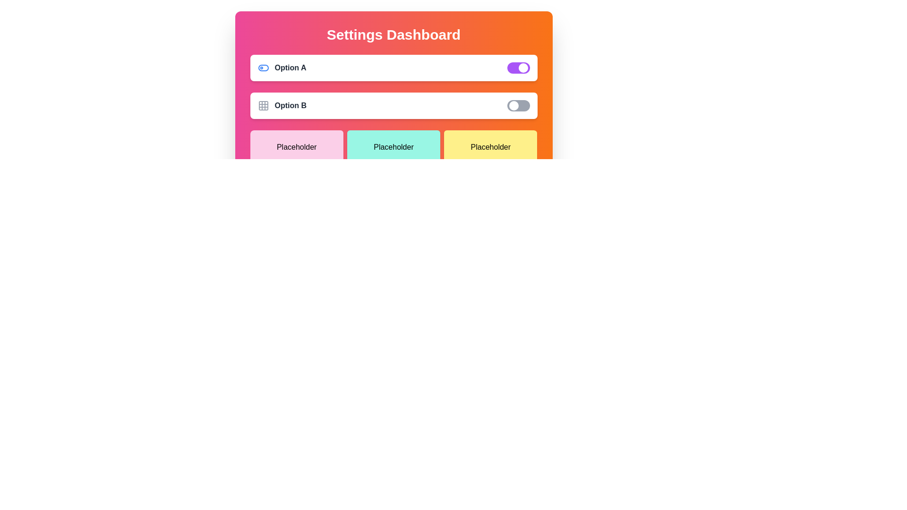 This screenshot has width=907, height=510. Describe the element at coordinates (263, 105) in the screenshot. I see `the grid icon located to the left of the text 'Option B'` at that location.